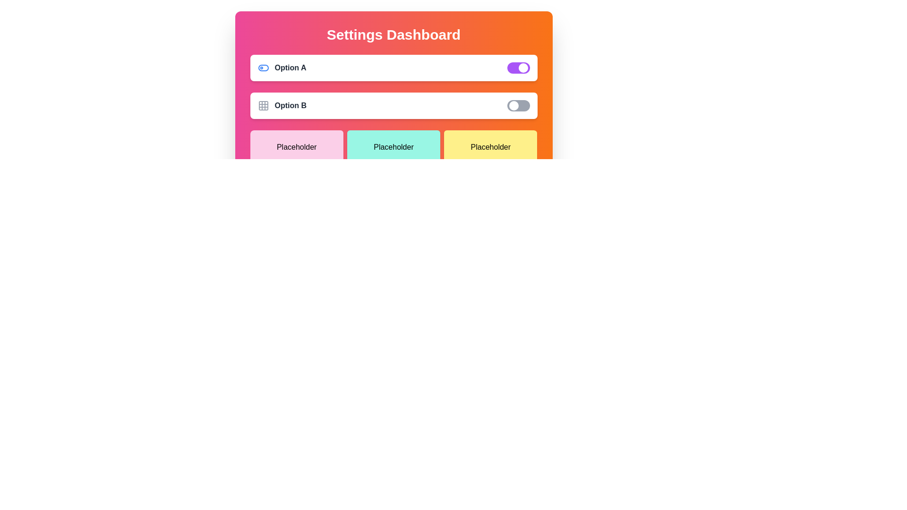 This screenshot has width=907, height=510. Describe the element at coordinates (263, 105) in the screenshot. I see `the grid icon located to the left of the text 'Option B'` at that location.